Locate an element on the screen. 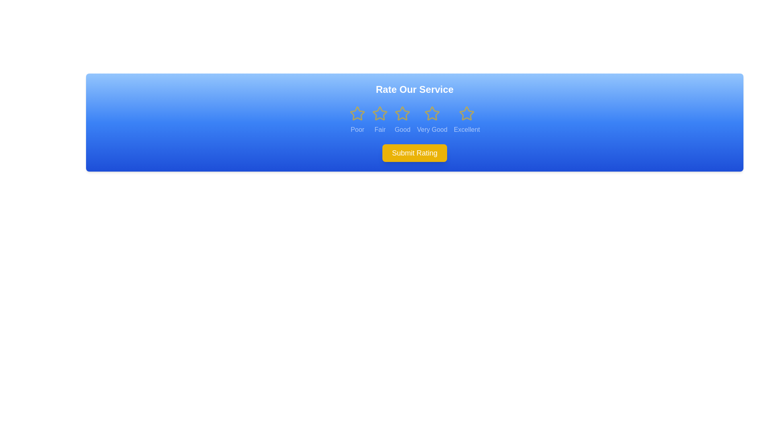 The image size is (772, 434). the fourth star in the rating system is located at coordinates (432, 113).